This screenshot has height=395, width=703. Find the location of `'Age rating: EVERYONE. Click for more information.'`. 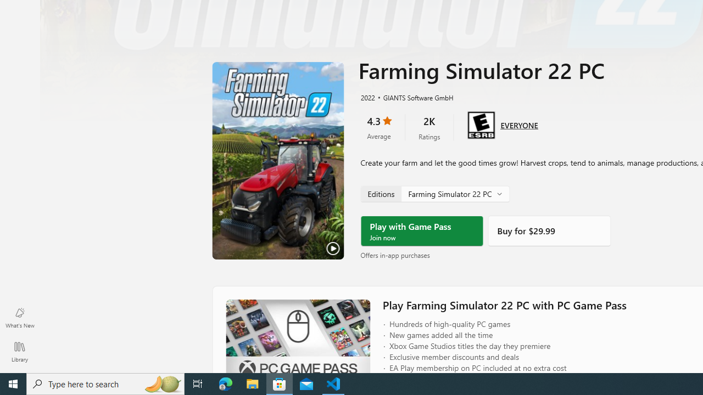

'Age rating: EVERYONE. Click for more information.' is located at coordinates (518, 123).